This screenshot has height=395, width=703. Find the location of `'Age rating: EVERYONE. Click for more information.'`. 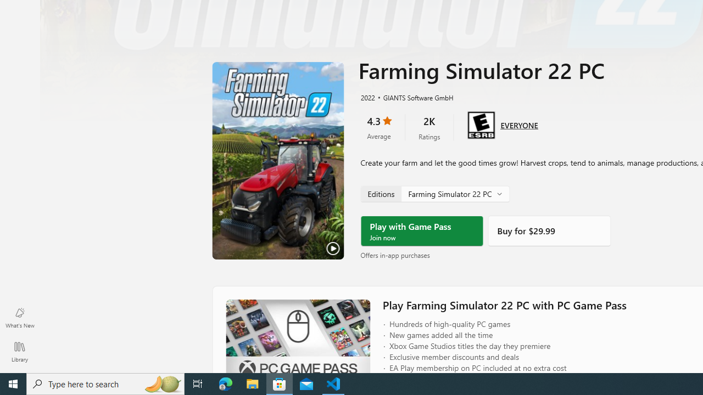

'Age rating: EVERYONE. Click for more information.' is located at coordinates (518, 123).